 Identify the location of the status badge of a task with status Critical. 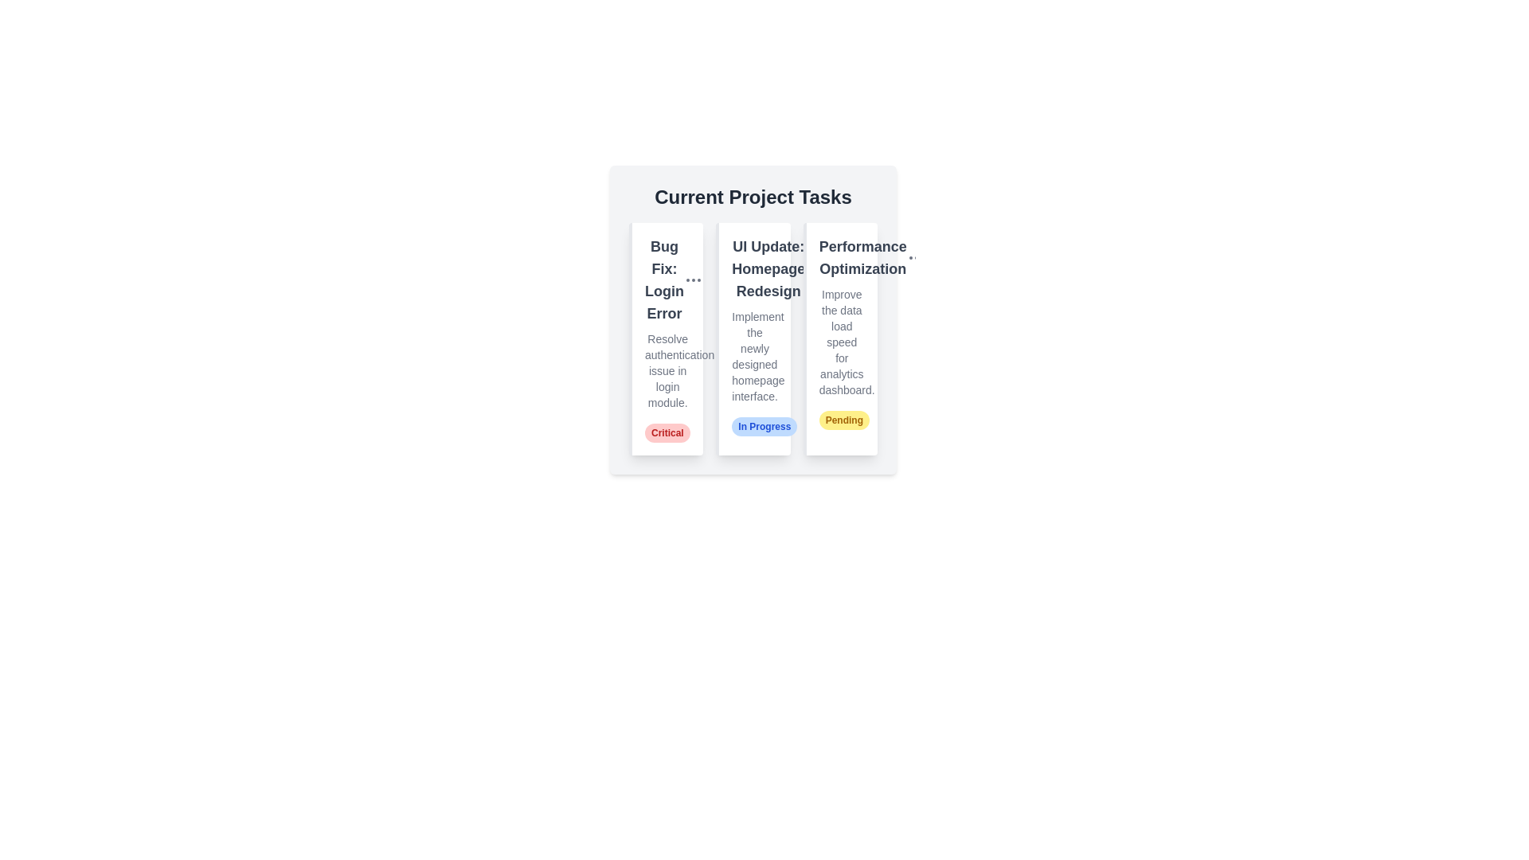
(667, 432).